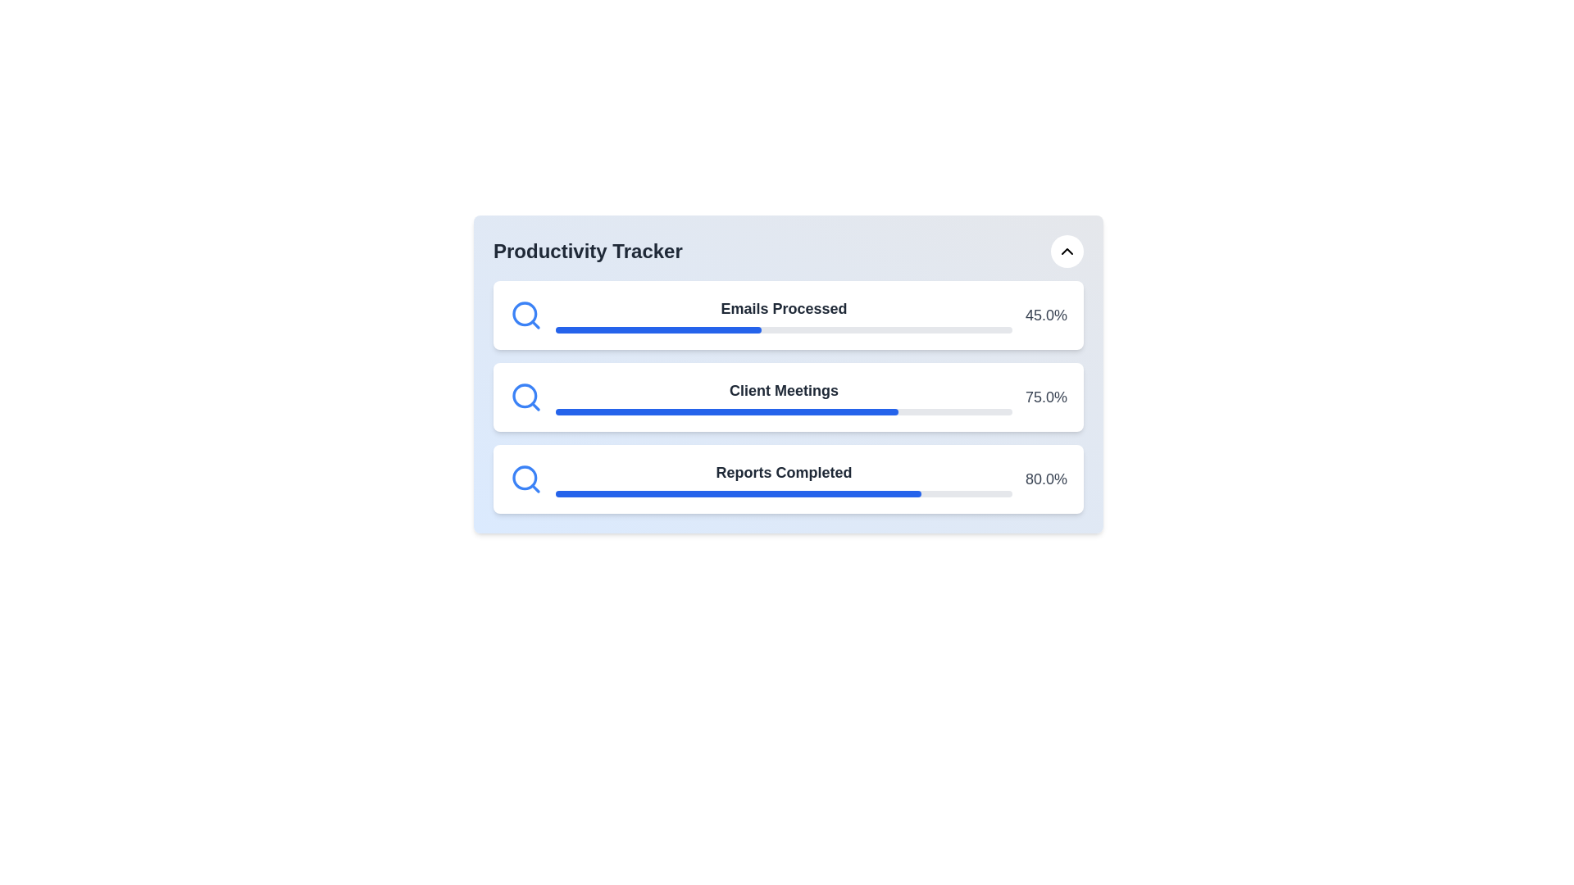 The width and height of the screenshot is (1574, 885). I want to click on text from the Text Label displaying the completion percentage of the 'Emails Processed' within the first information card of the 'Productivity Tracker' section, so click(1045, 315).